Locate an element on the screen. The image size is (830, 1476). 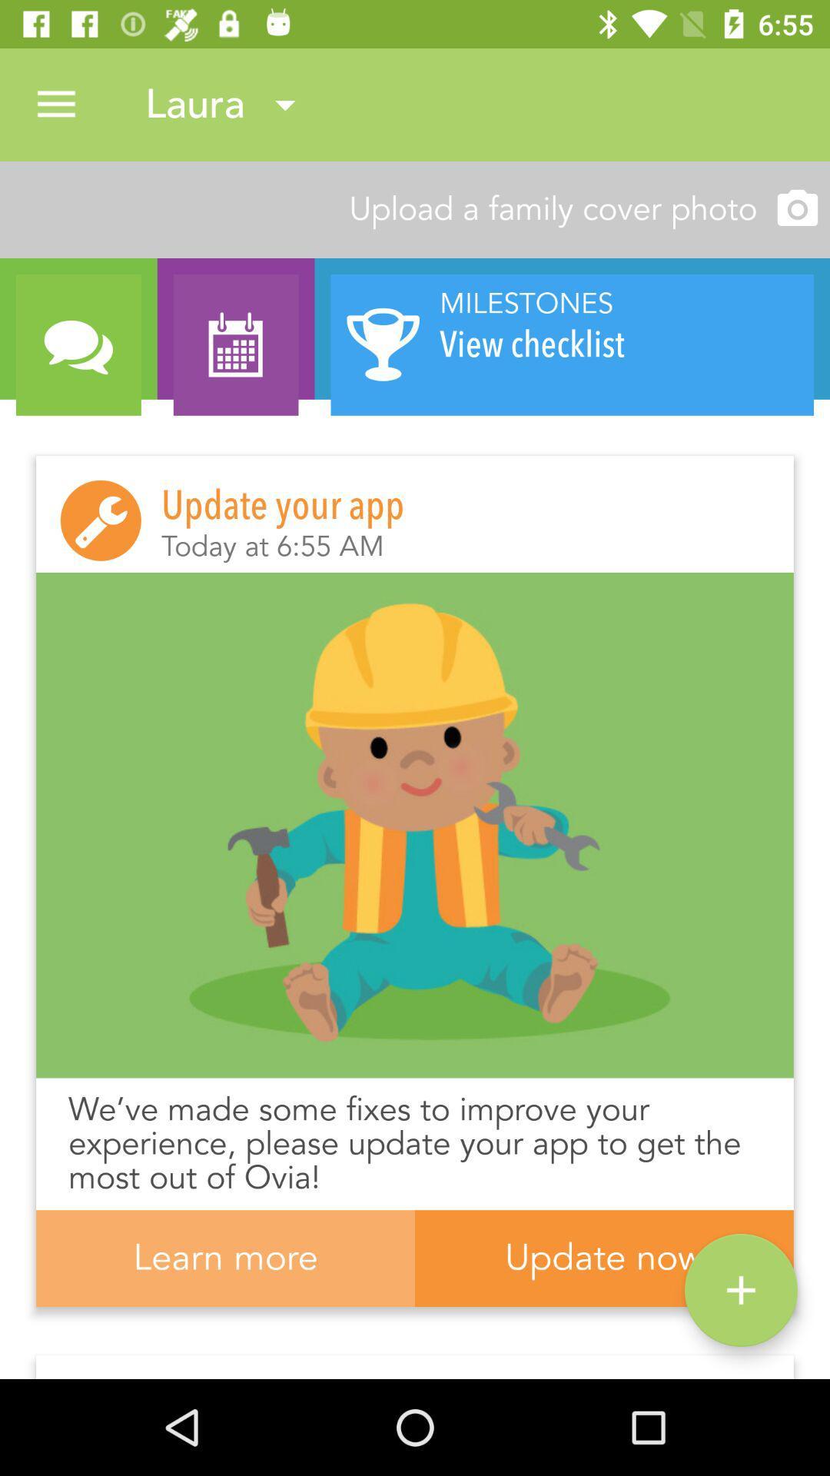
the icon to the left of the laura icon is located at coordinates (55, 104).